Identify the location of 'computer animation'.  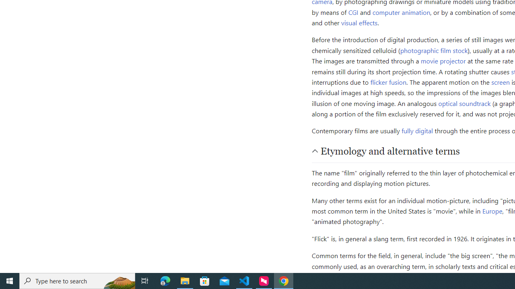
(401, 12).